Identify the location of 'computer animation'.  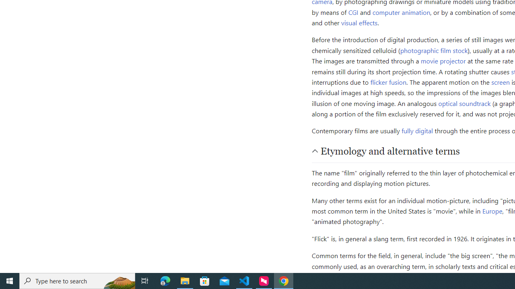
(401, 12).